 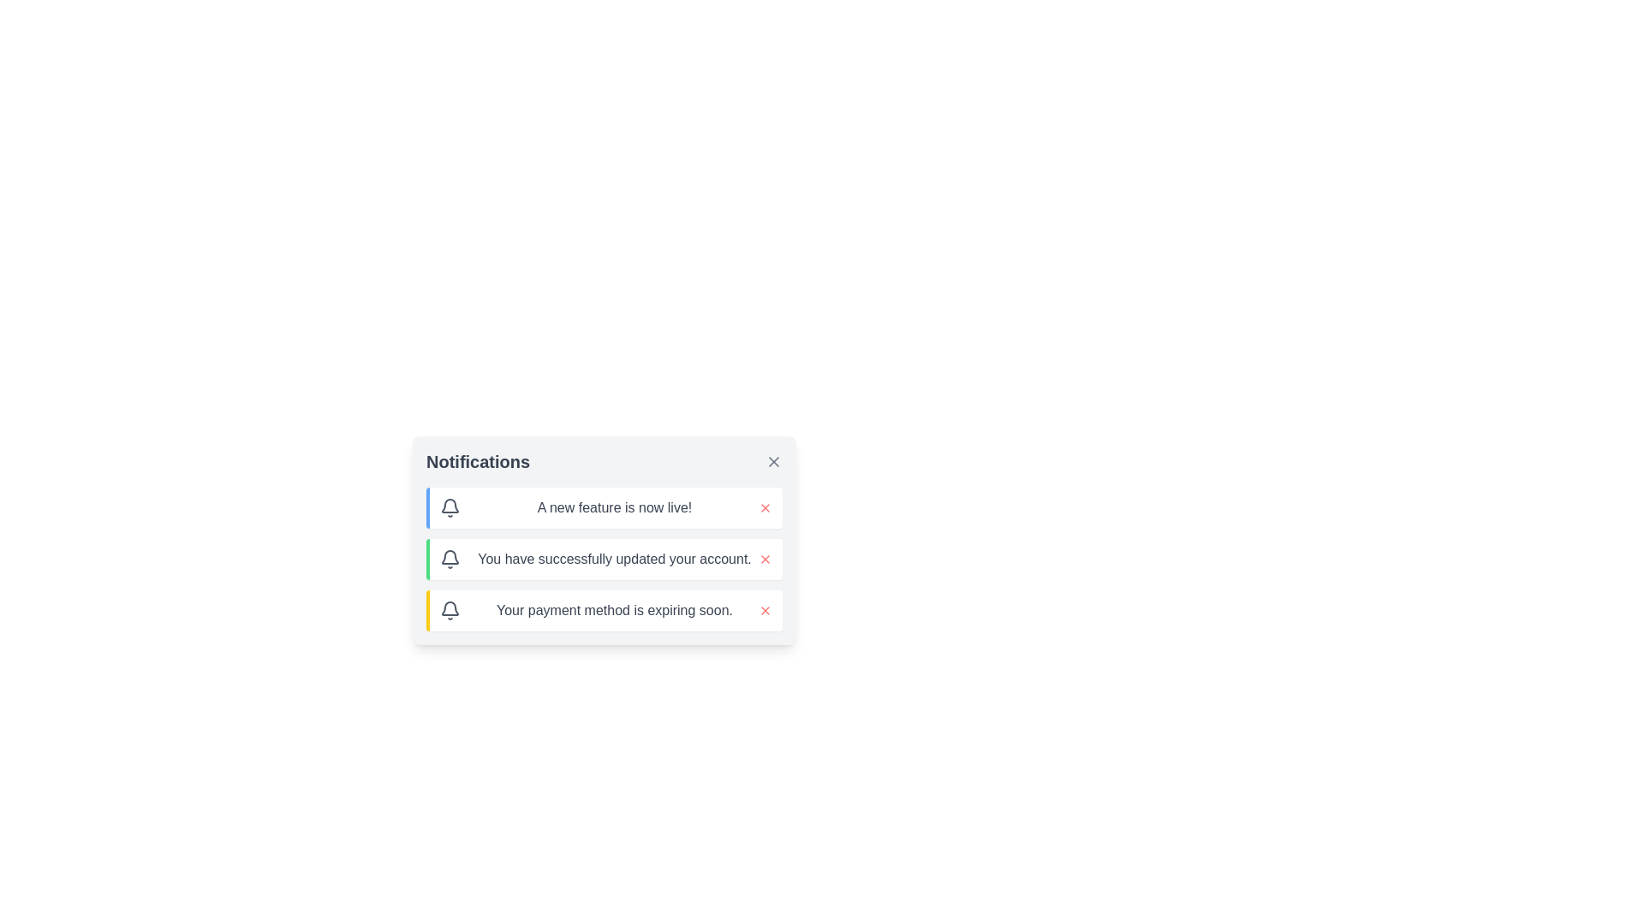 What do you see at coordinates (764, 560) in the screenshot?
I see `the close button of the second notification item in the list to observe a styling change` at bounding box center [764, 560].